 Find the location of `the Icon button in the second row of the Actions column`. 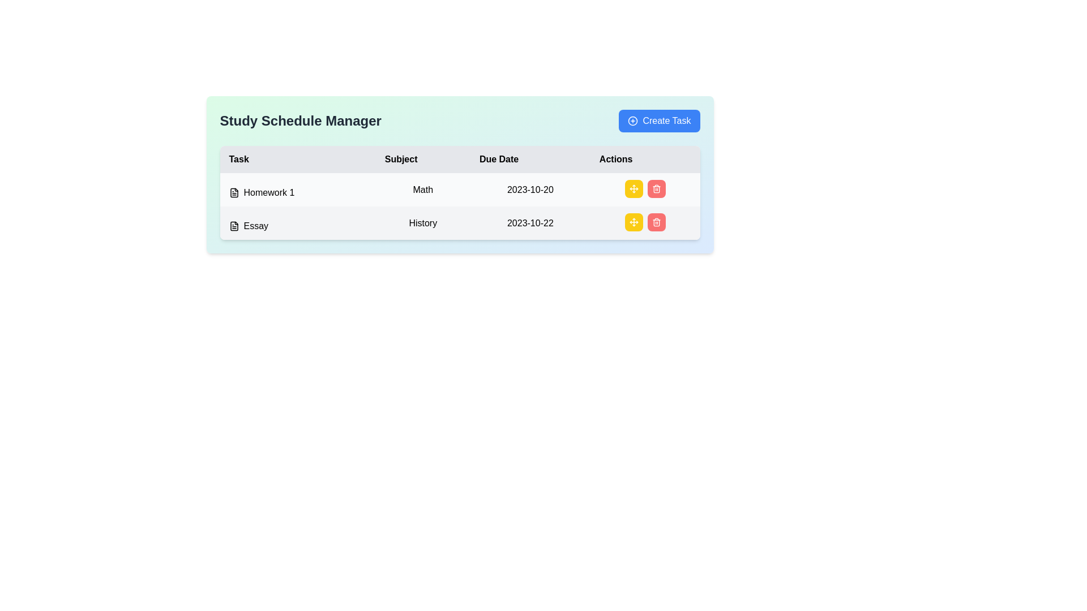

the Icon button in the second row of the Actions column is located at coordinates (656, 222).